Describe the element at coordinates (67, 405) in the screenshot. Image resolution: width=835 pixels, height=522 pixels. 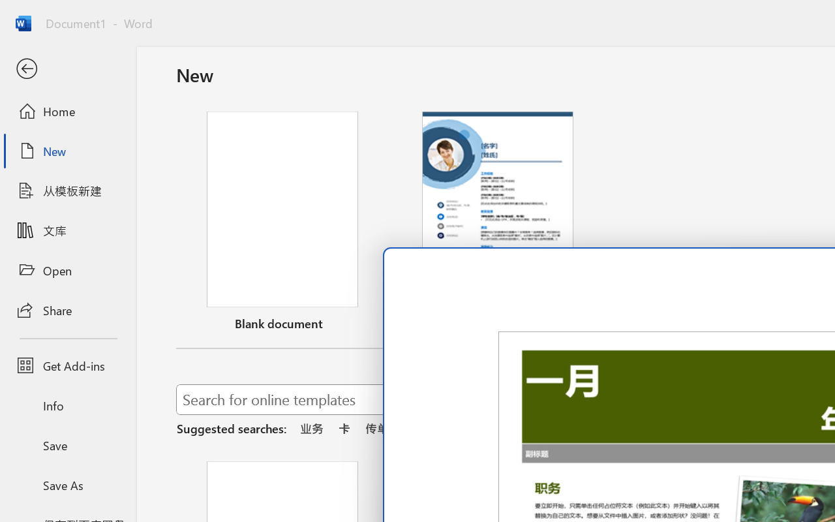
I see `'Info'` at that location.